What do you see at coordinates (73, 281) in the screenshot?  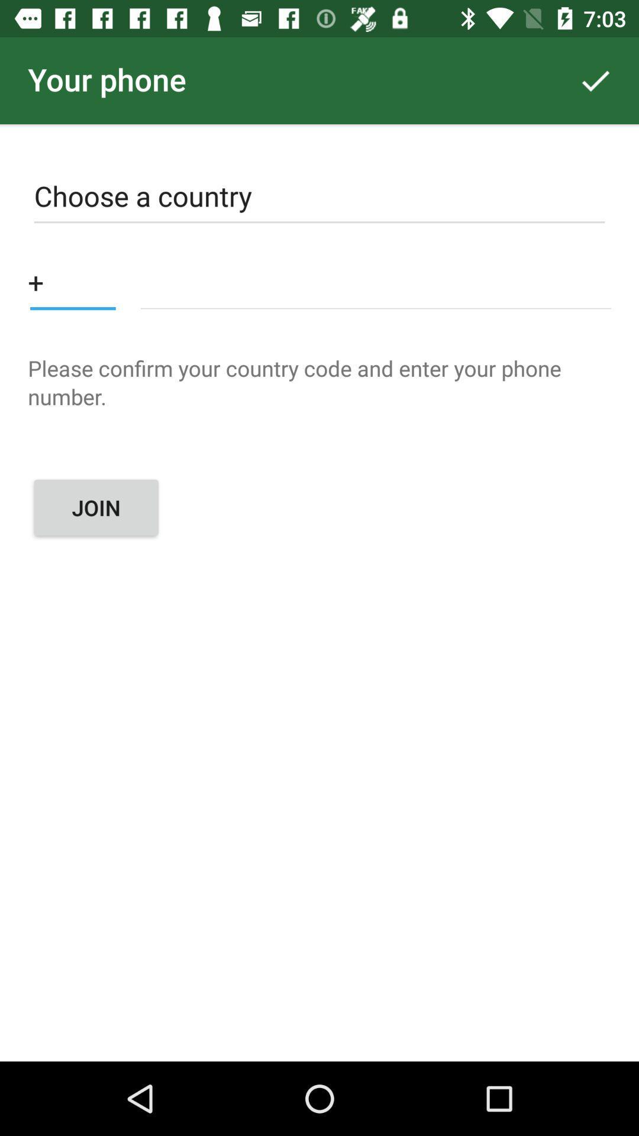 I see `shows add option` at bounding box center [73, 281].